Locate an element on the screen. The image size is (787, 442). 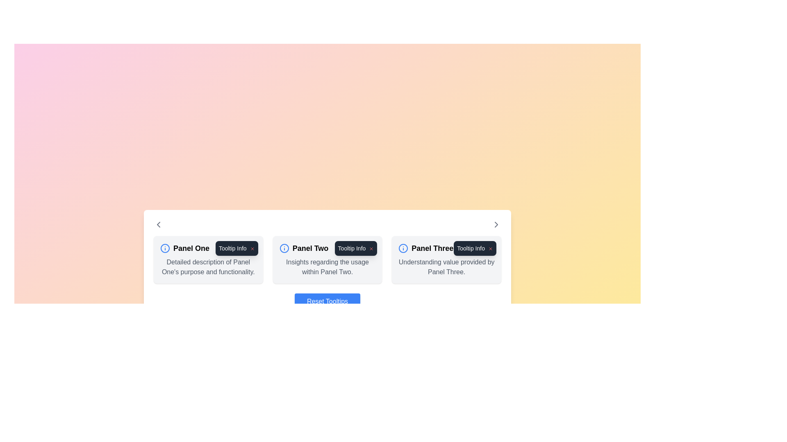
the Text Label that serves as the title for the third panel in the series is located at coordinates (446, 248).